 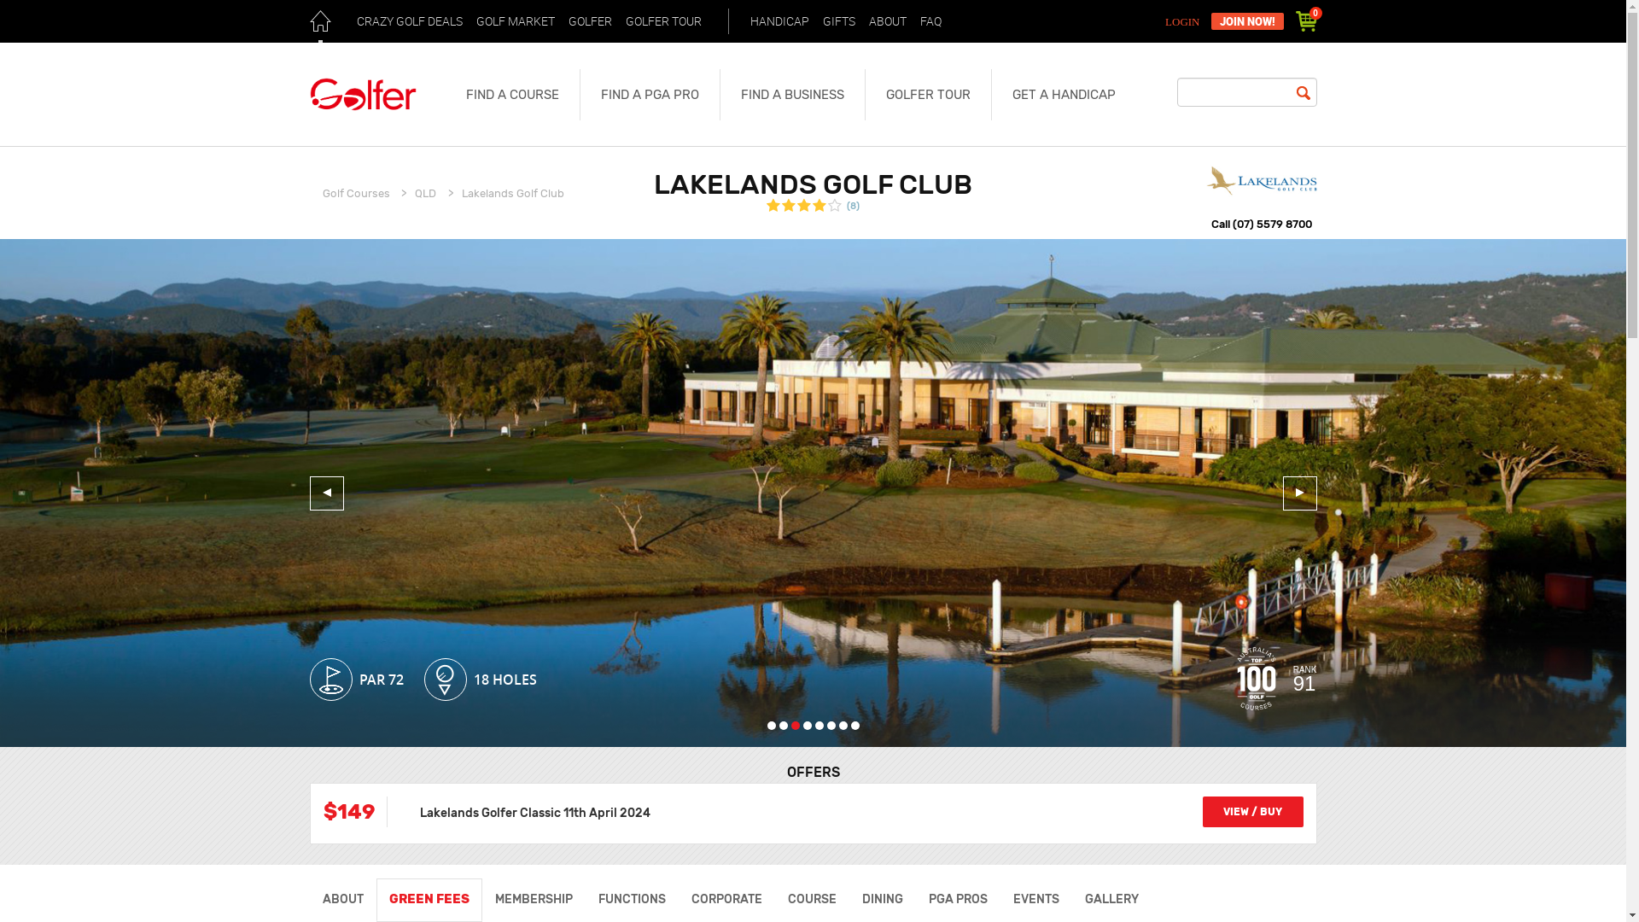 What do you see at coordinates (831, 725) in the screenshot?
I see `'6'` at bounding box center [831, 725].